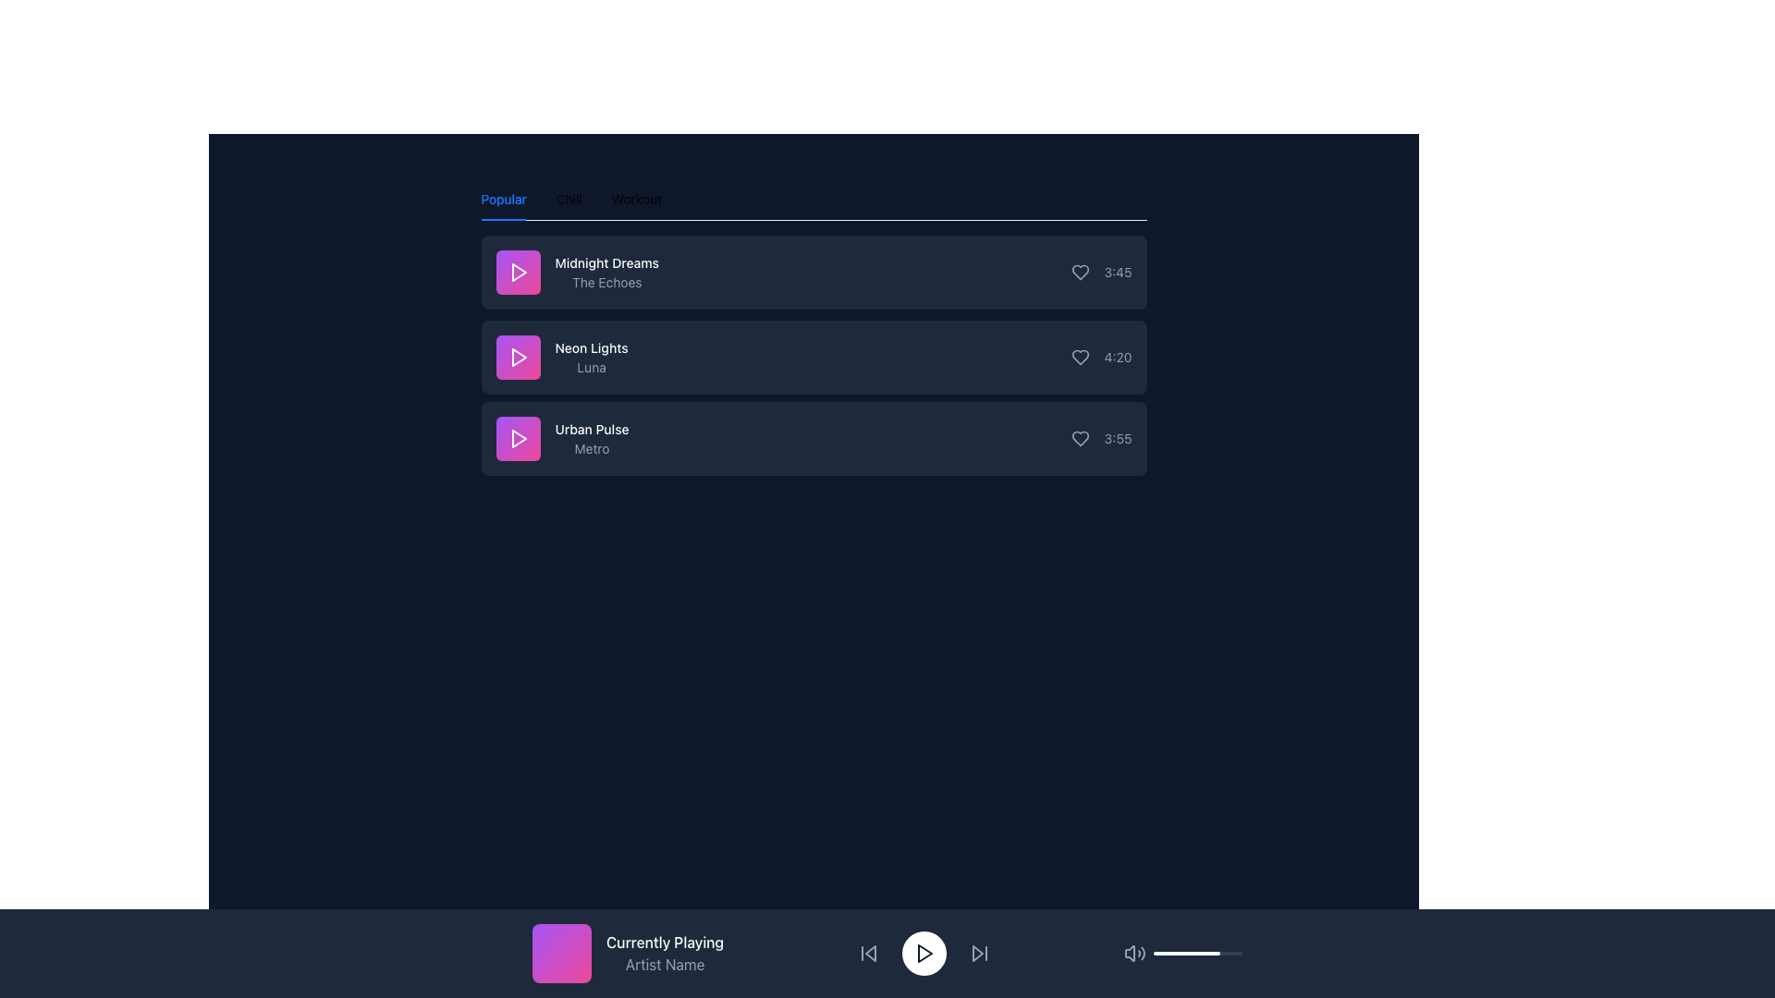 This screenshot has width=1775, height=998. Describe the element at coordinates (867, 954) in the screenshot. I see `the backward skip button located at the leftmost position in the series of three playback control buttons to skip to the previous track` at that location.